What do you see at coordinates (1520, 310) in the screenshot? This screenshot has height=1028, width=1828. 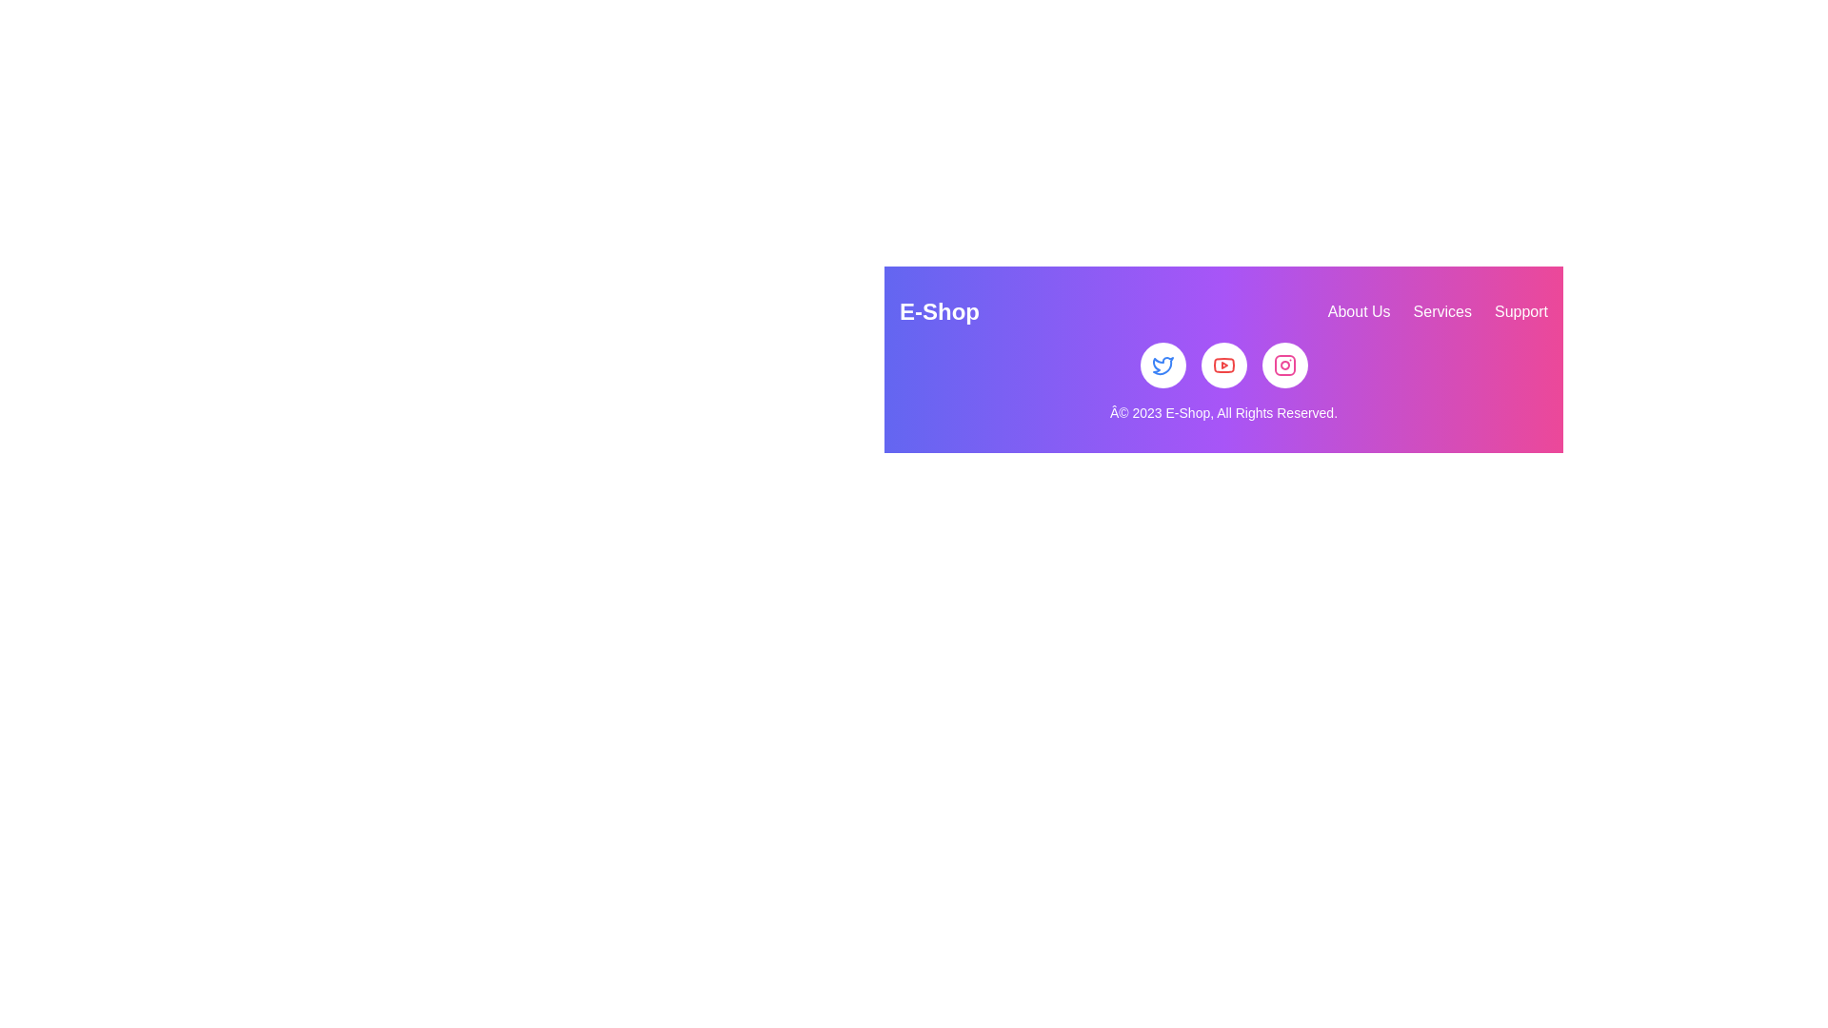 I see `the hyperlink located at the far right of the horizontal navigation menu to observe the underline effect` at bounding box center [1520, 310].